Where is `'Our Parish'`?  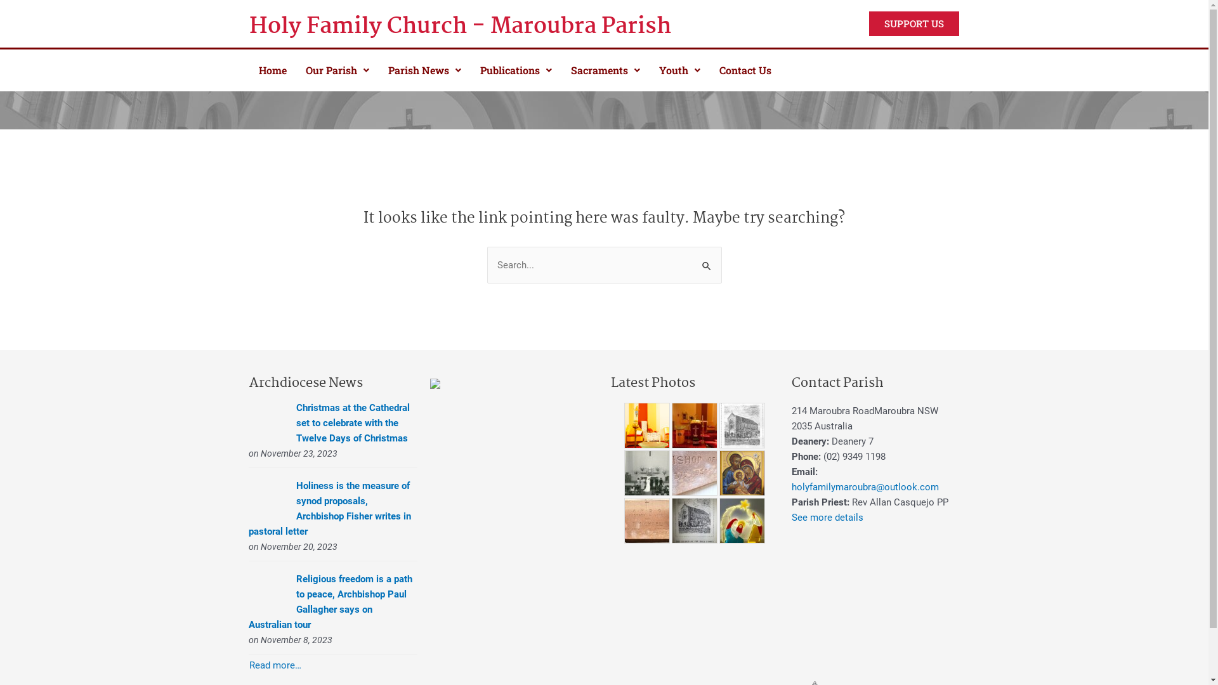 'Our Parish' is located at coordinates (337, 70).